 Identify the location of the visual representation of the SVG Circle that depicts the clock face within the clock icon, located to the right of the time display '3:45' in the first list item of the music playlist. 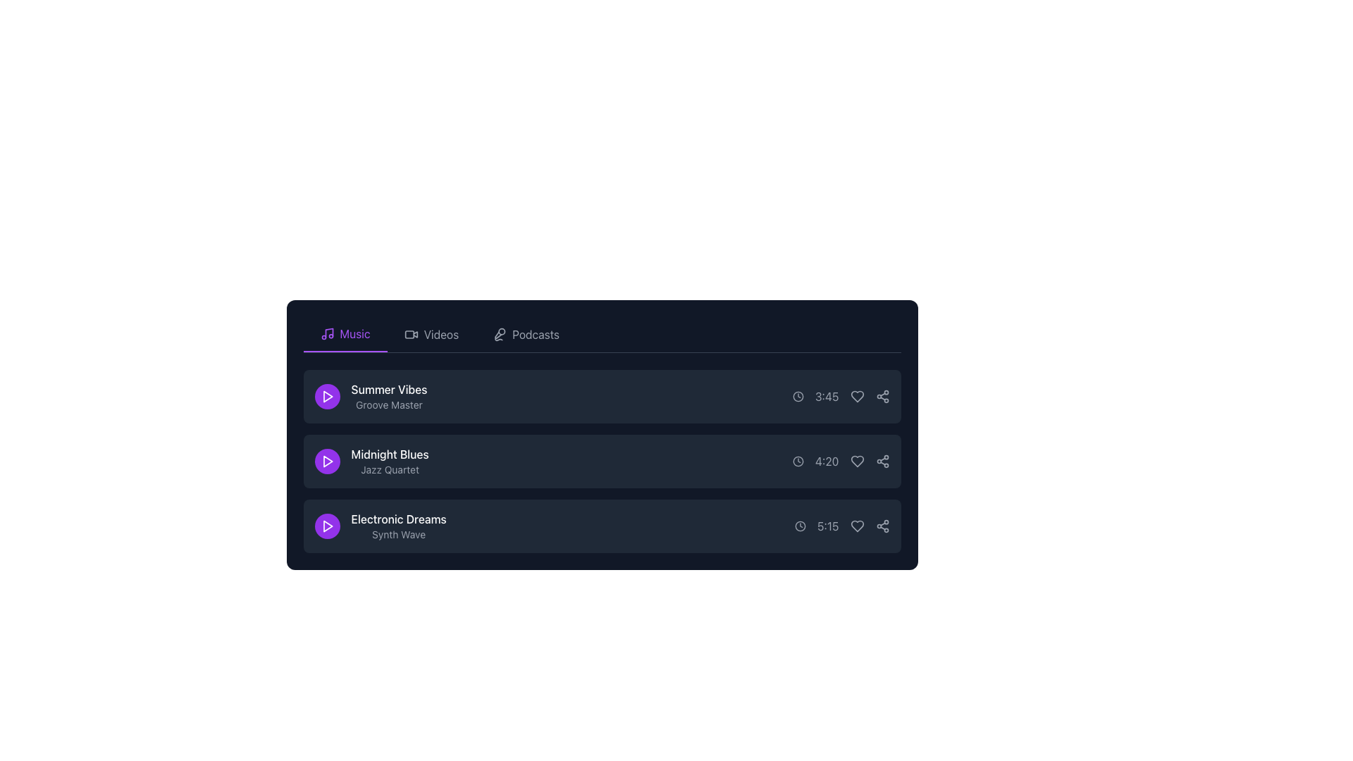
(798, 397).